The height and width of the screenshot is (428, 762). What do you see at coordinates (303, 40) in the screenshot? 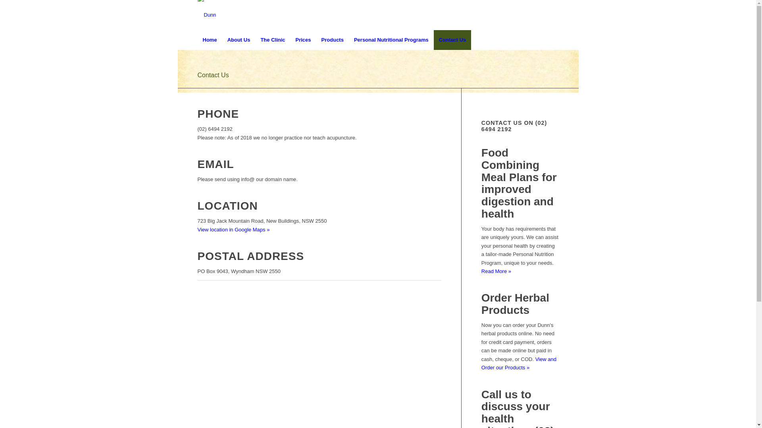
I see `'Prices'` at bounding box center [303, 40].